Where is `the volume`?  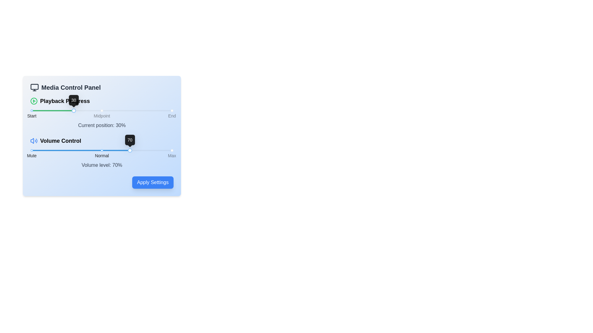 the volume is located at coordinates (164, 150).